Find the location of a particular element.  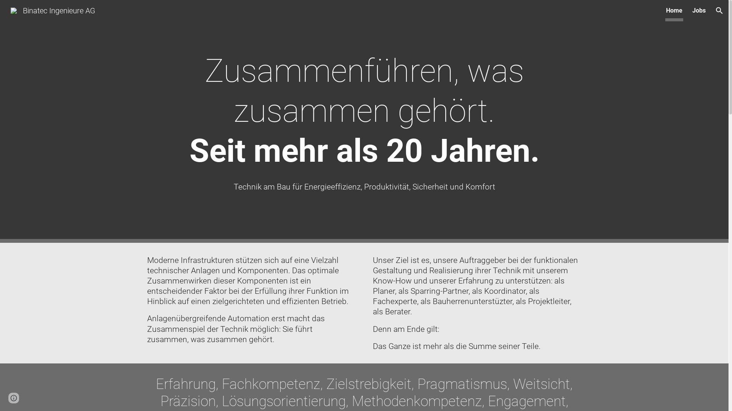

'Binatec Ingenieure AG' is located at coordinates (53, 10).